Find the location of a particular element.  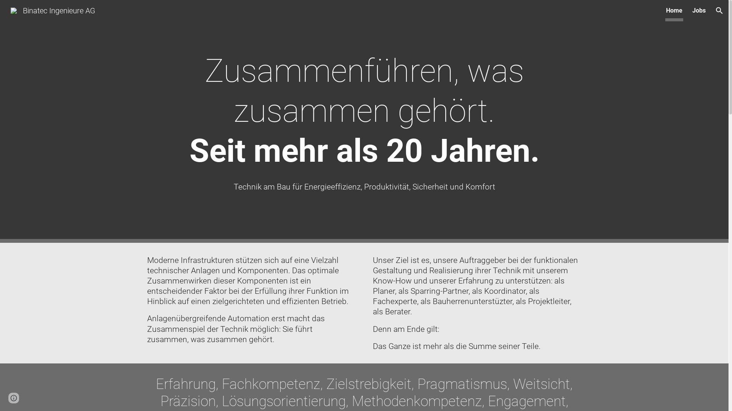

'Binatec Ingenieure AG' is located at coordinates (53, 10).